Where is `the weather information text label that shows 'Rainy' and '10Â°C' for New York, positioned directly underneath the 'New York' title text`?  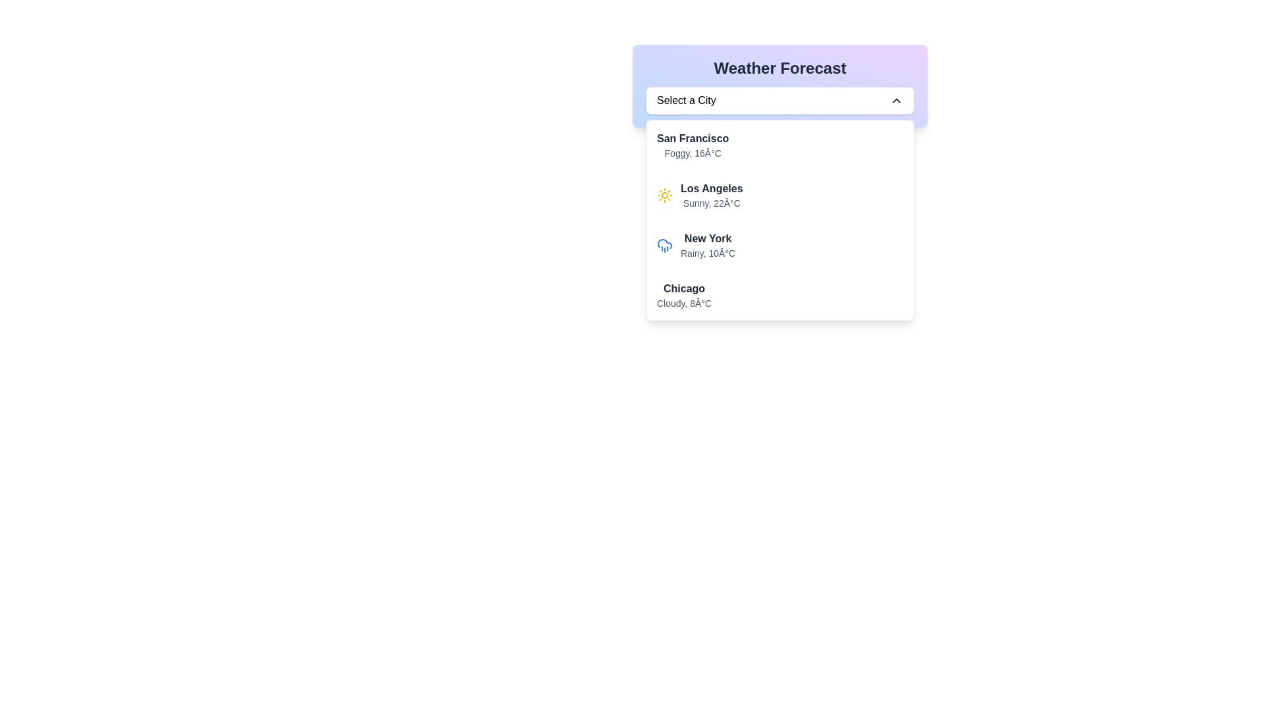
the weather information text label that shows 'Rainy' and '10Â°C' for New York, positioned directly underneath the 'New York' title text is located at coordinates (707, 253).